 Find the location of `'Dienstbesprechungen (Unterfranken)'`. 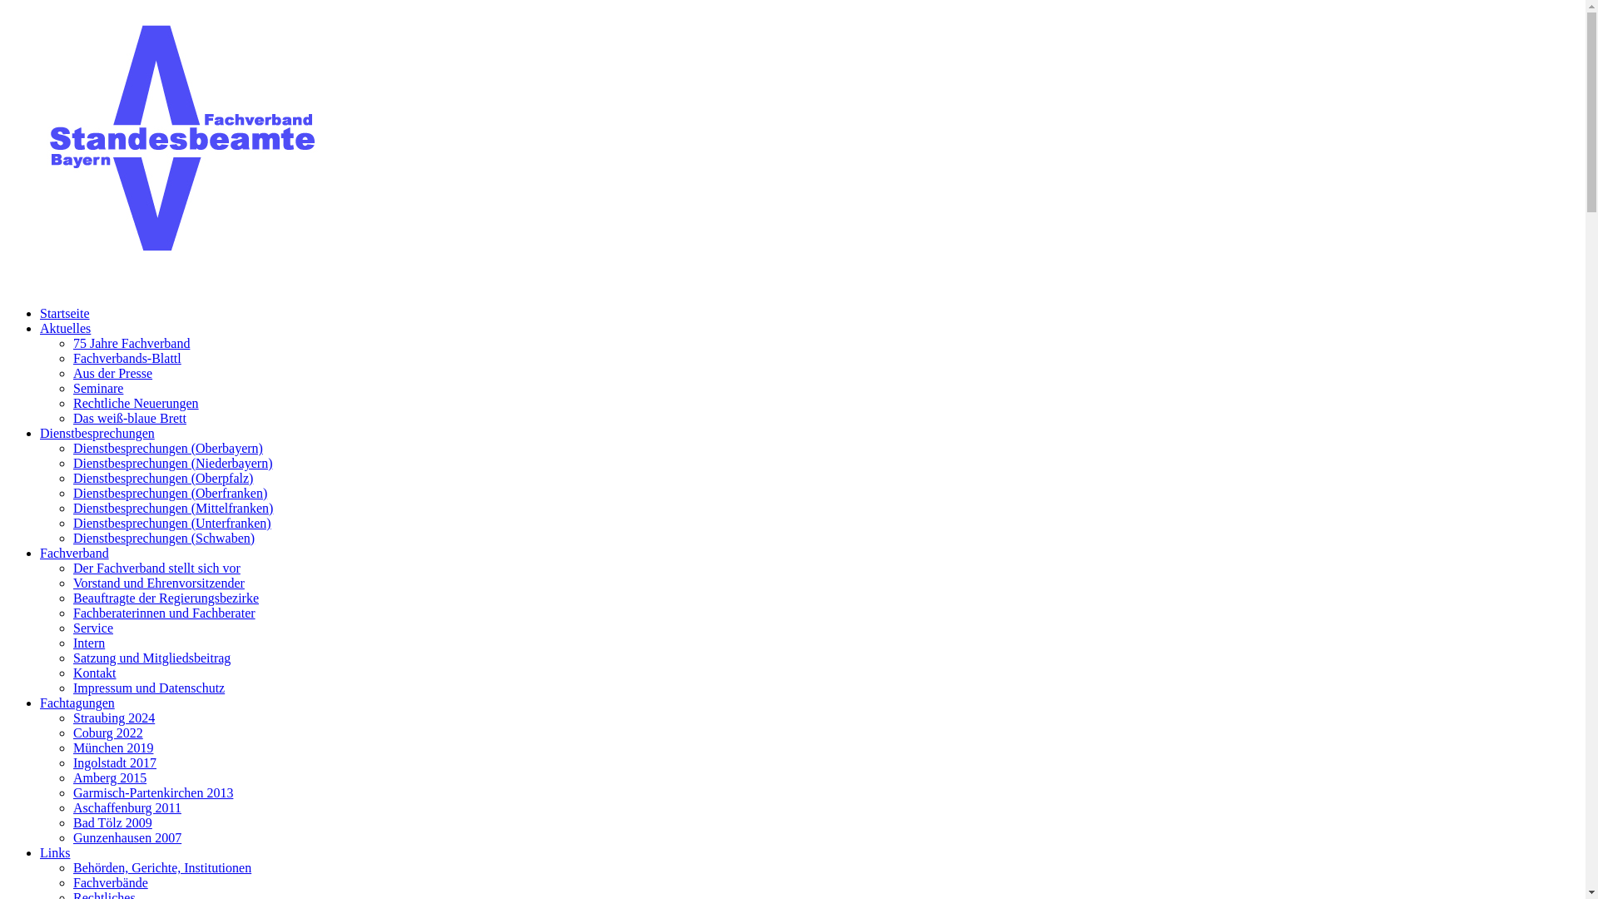

'Dienstbesprechungen (Unterfranken)' is located at coordinates (171, 522).